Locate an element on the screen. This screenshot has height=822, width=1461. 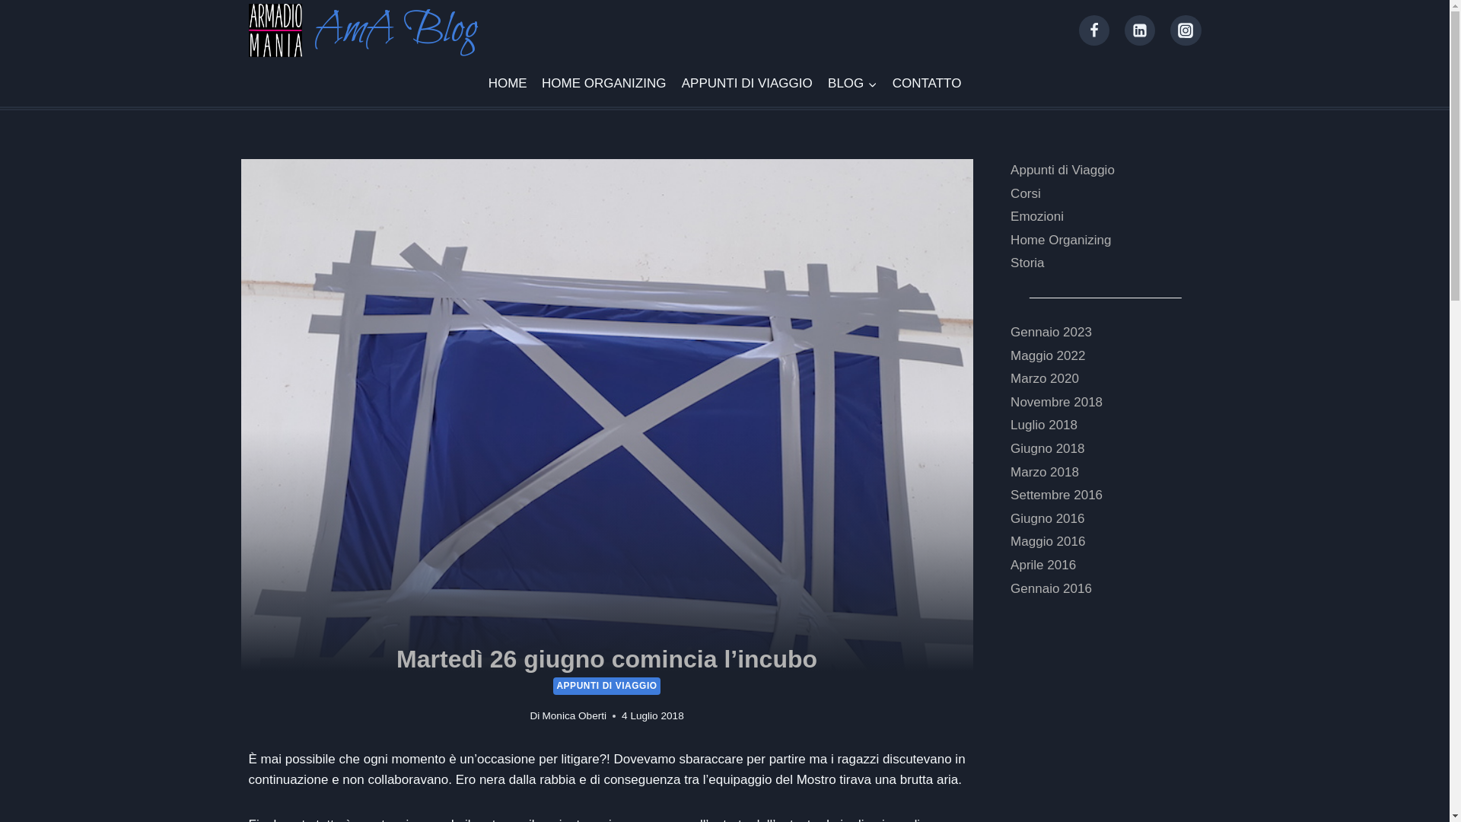
'Settembre 2016' is located at coordinates (1011, 495).